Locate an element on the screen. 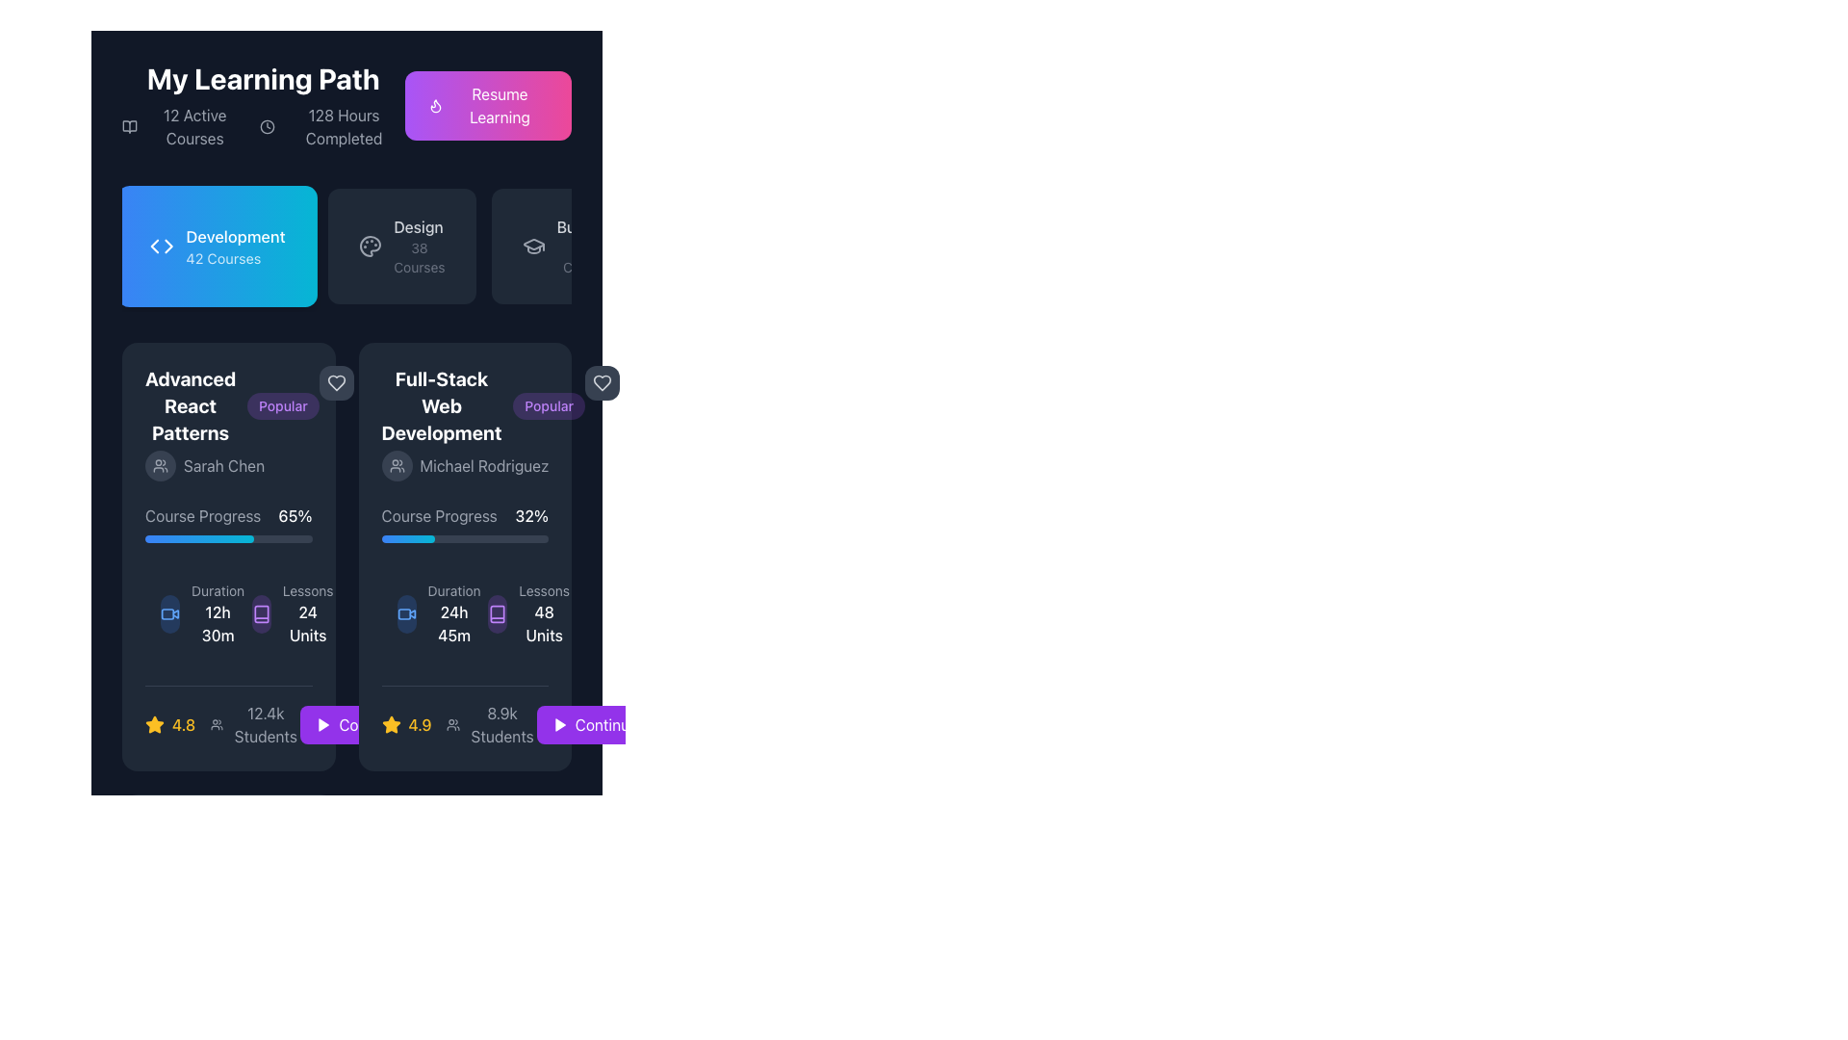  the 'Popular' badge, which is a rounded rectangular badge with a light purple background located in the top-right corner of the 'Full-Stack Web Development' course card is located at coordinates (548, 404).